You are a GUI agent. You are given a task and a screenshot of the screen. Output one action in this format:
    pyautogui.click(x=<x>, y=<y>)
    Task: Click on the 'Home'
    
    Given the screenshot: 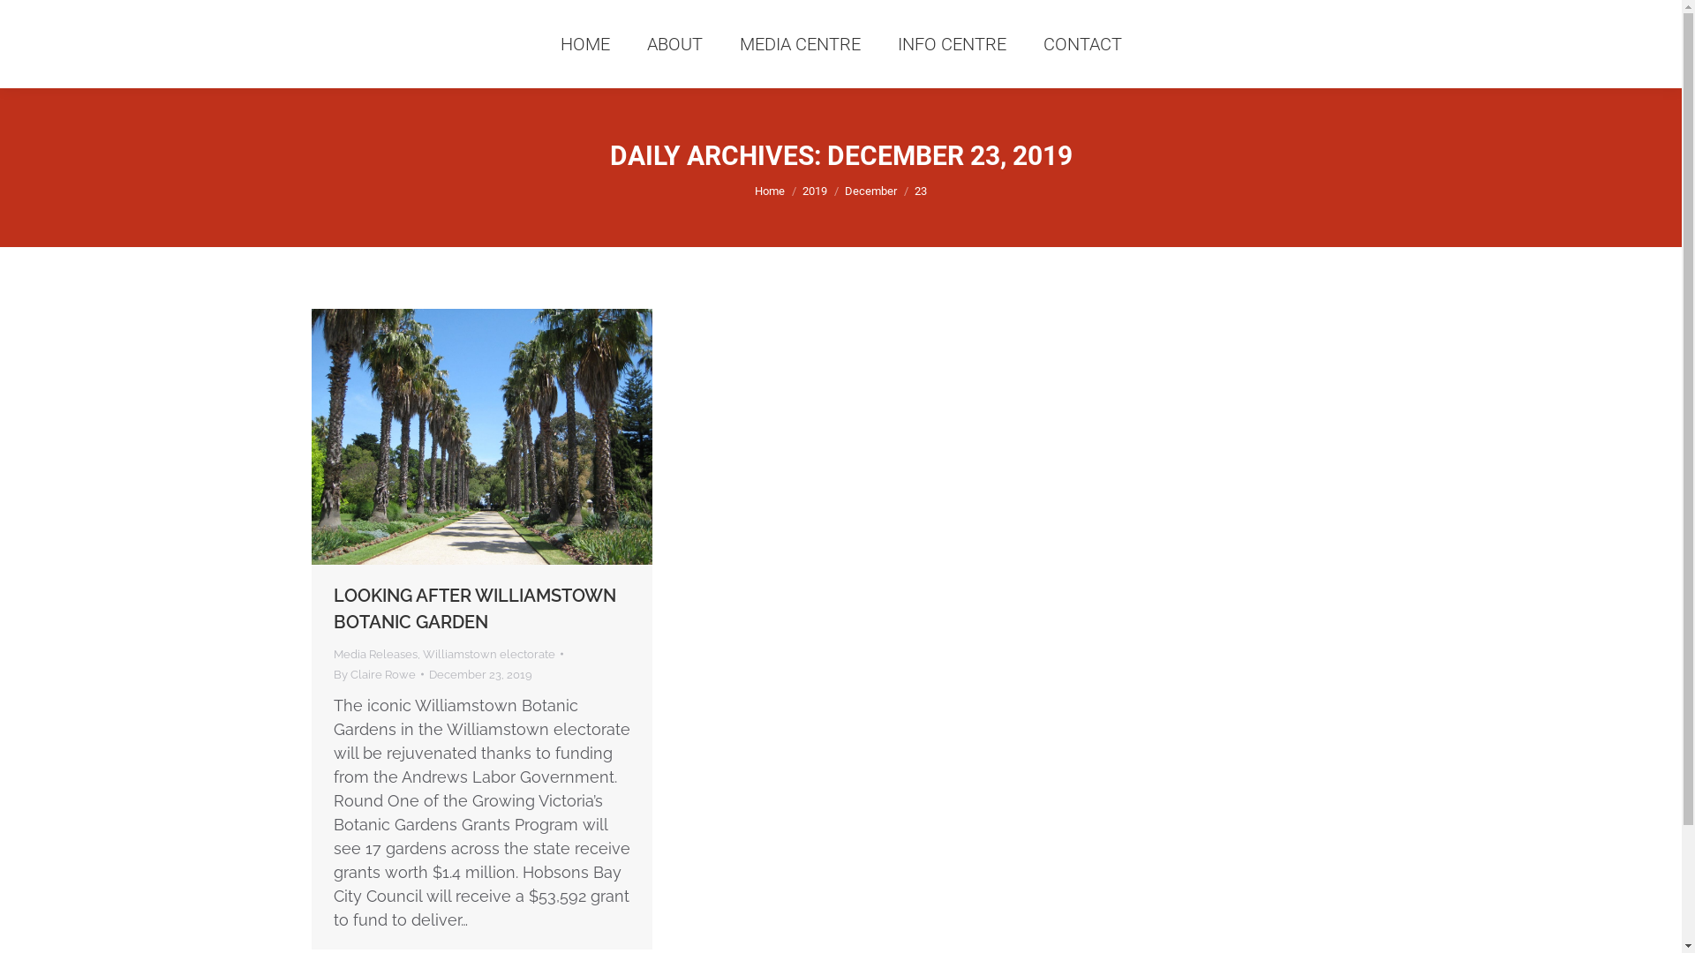 What is the action you would take?
    pyautogui.click(x=770, y=191)
    